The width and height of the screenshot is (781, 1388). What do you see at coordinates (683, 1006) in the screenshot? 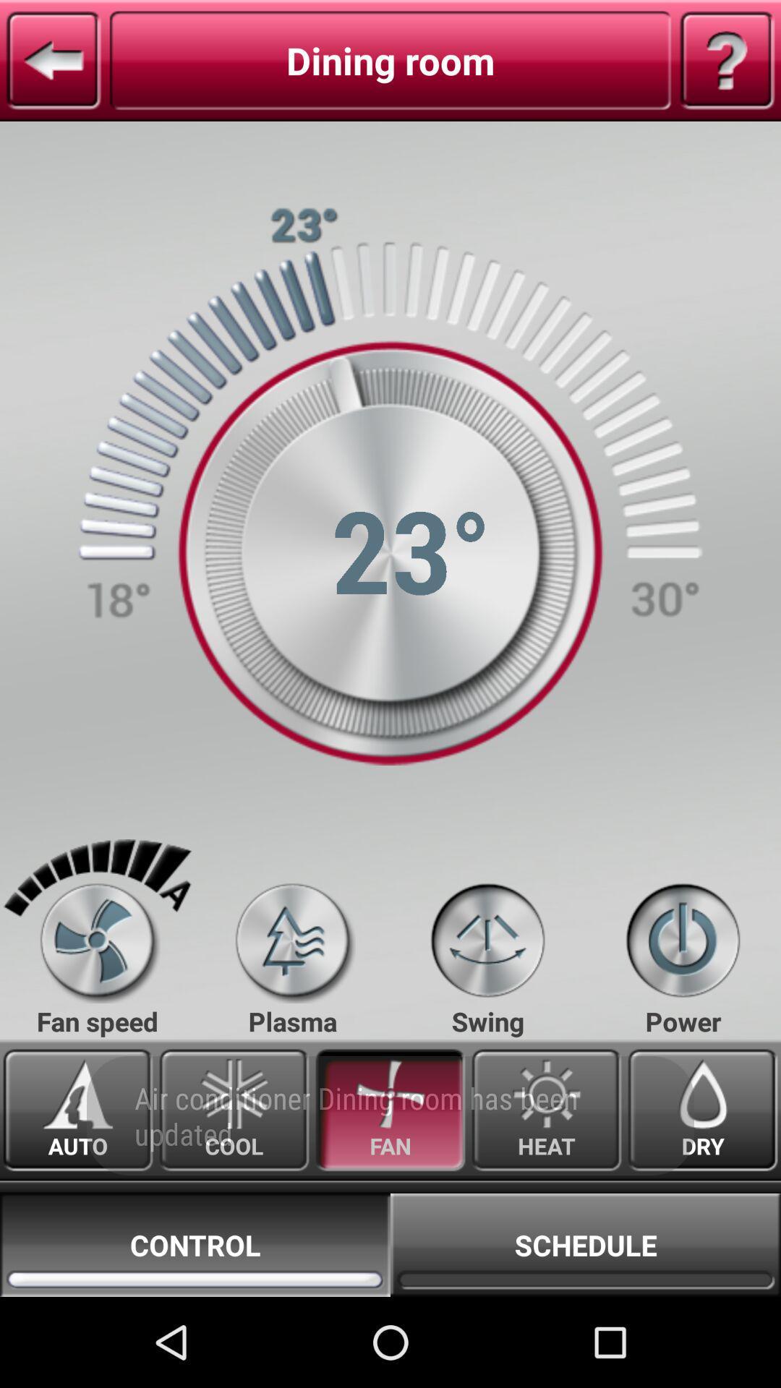
I see `the power icon` at bounding box center [683, 1006].